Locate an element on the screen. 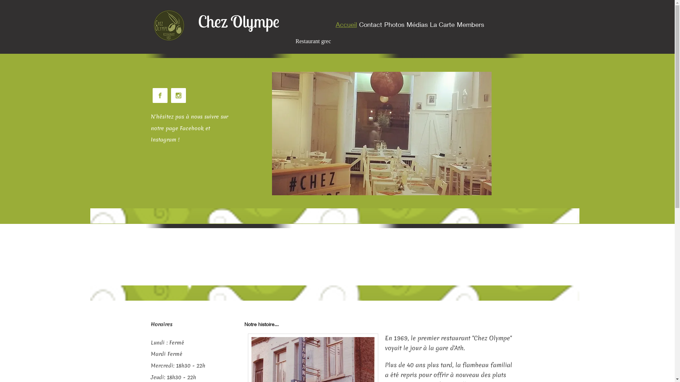 The width and height of the screenshot is (680, 382). 'Embedded Content' is located at coordinates (195, 80).